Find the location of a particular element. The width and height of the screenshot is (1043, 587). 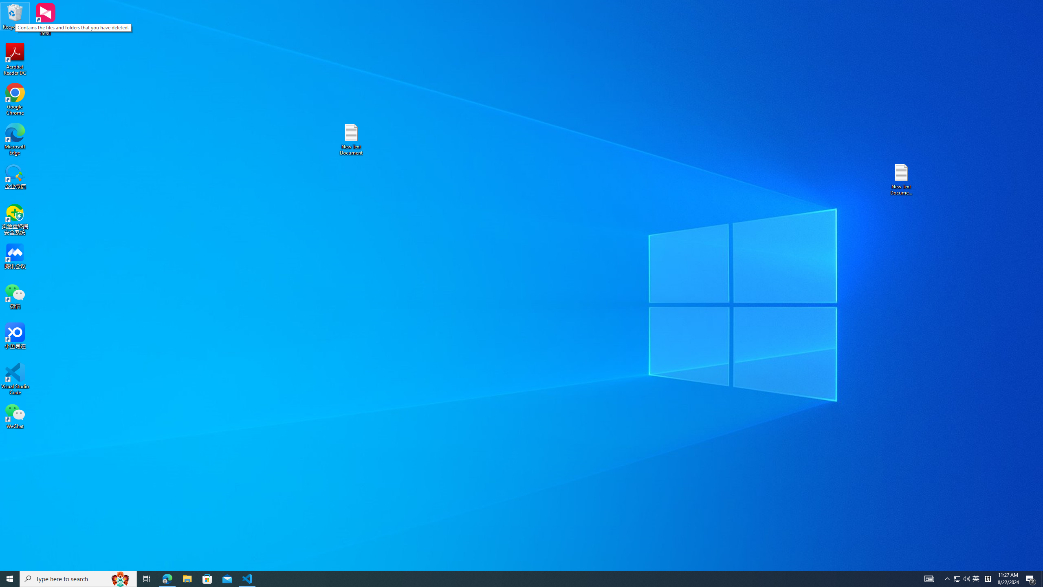

'Show desktop' is located at coordinates (1041, 578).